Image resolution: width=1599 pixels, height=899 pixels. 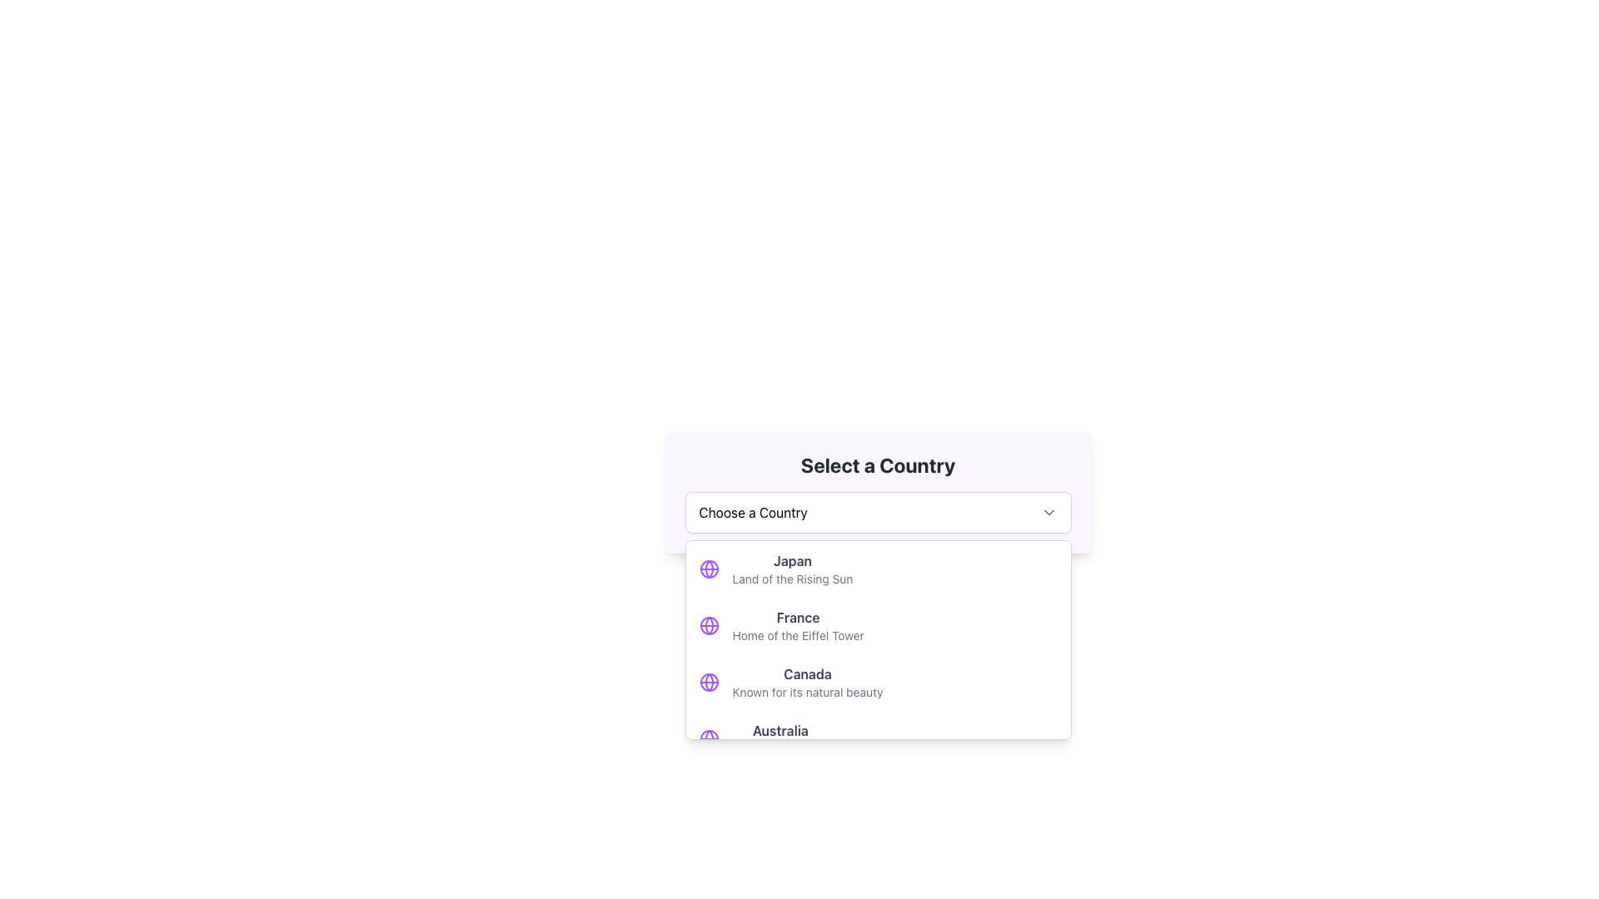 What do you see at coordinates (797, 626) in the screenshot?
I see `the dropdown list item for 'France', which is the second option under 'Select a Country'` at bounding box center [797, 626].